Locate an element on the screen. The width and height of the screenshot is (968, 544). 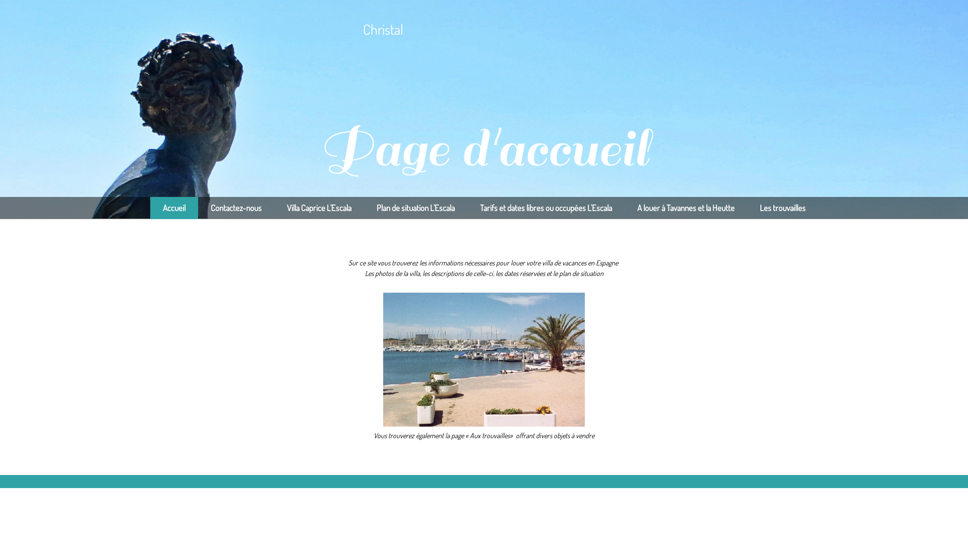
'Villa Caprice L'Escala' is located at coordinates (274, 207).